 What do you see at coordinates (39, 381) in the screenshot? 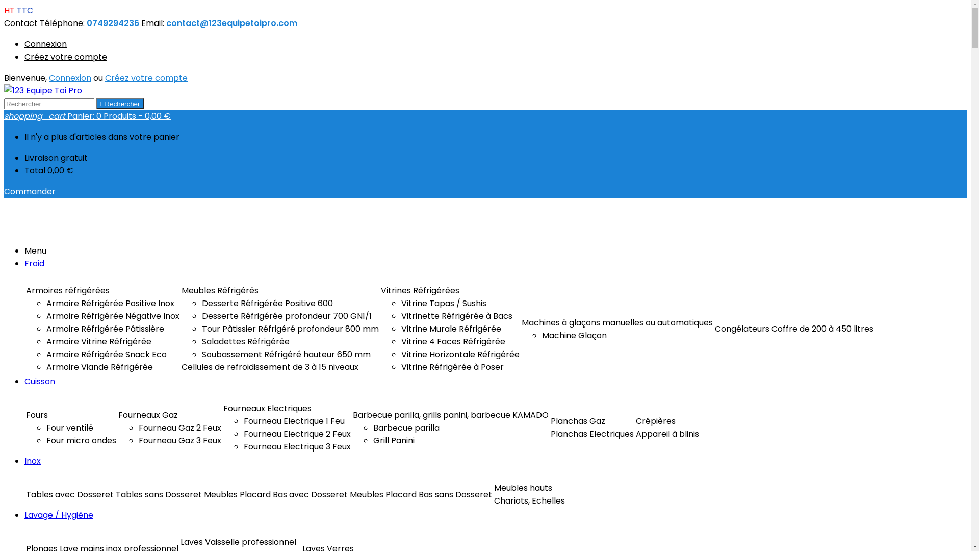
I see `'Cuisson'` at bounding box center [39, 381].